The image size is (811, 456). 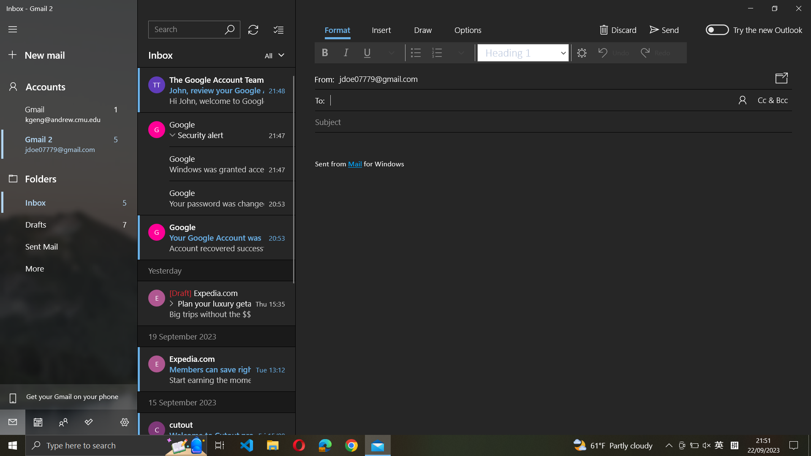 What do you see at coordinates (556, 266) in the screenshot?
I see `Change the Signature to "John" and underline it` at bounding box center [556, 266].